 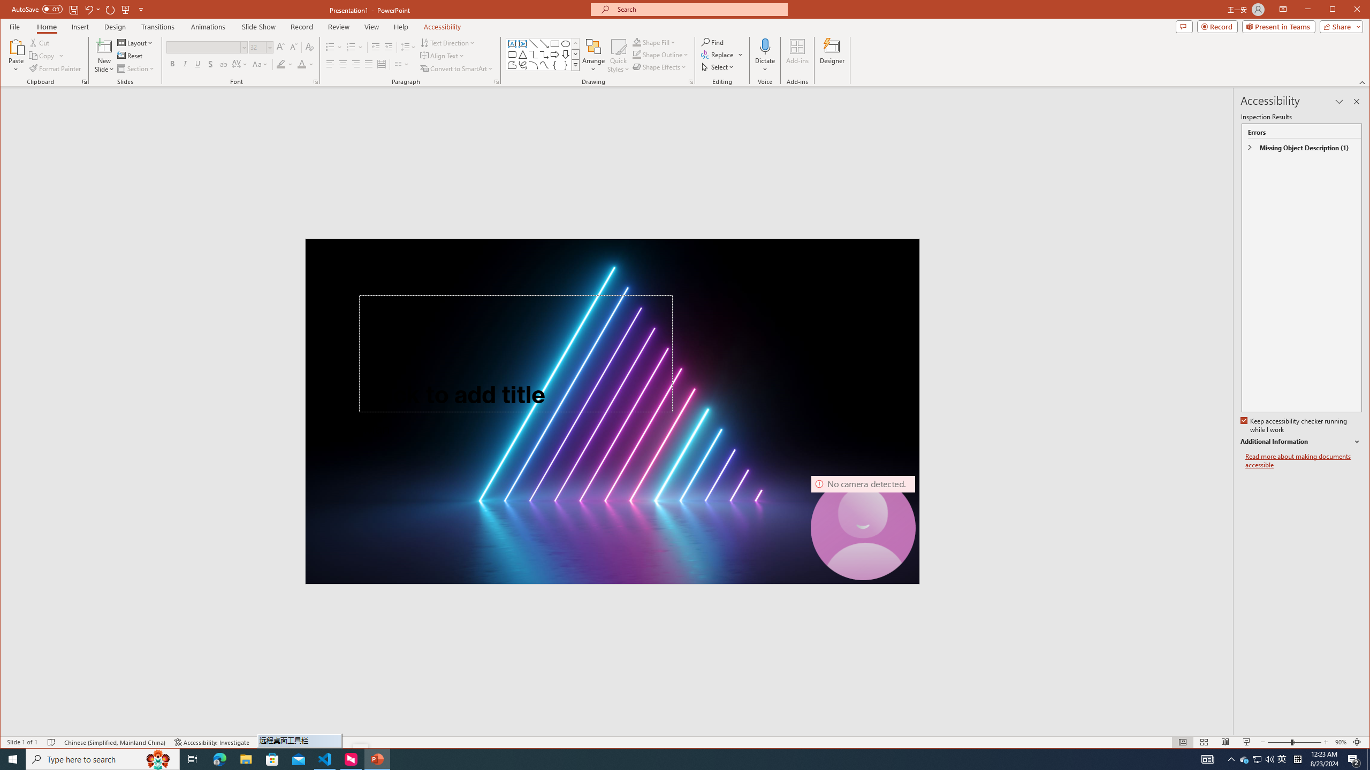 I want to click on 'Shape Outline Blue, Accent 1', so click(x=637, y=55).